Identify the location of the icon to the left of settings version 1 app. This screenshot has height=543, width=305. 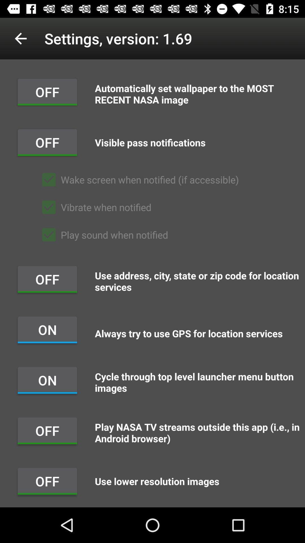
(20, 38).